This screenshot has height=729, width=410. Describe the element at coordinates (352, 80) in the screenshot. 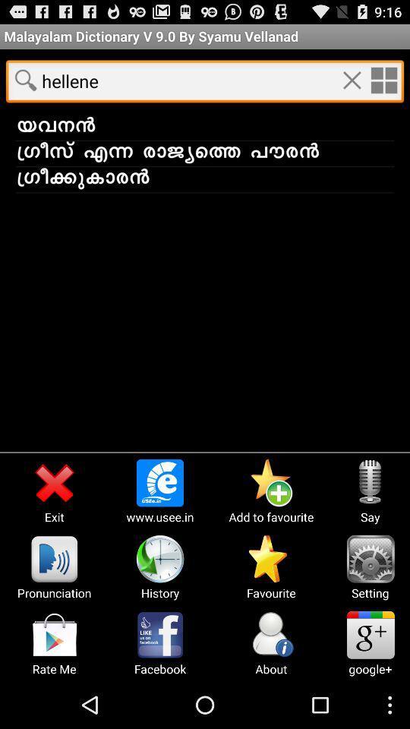

I see `cancel` at that location.